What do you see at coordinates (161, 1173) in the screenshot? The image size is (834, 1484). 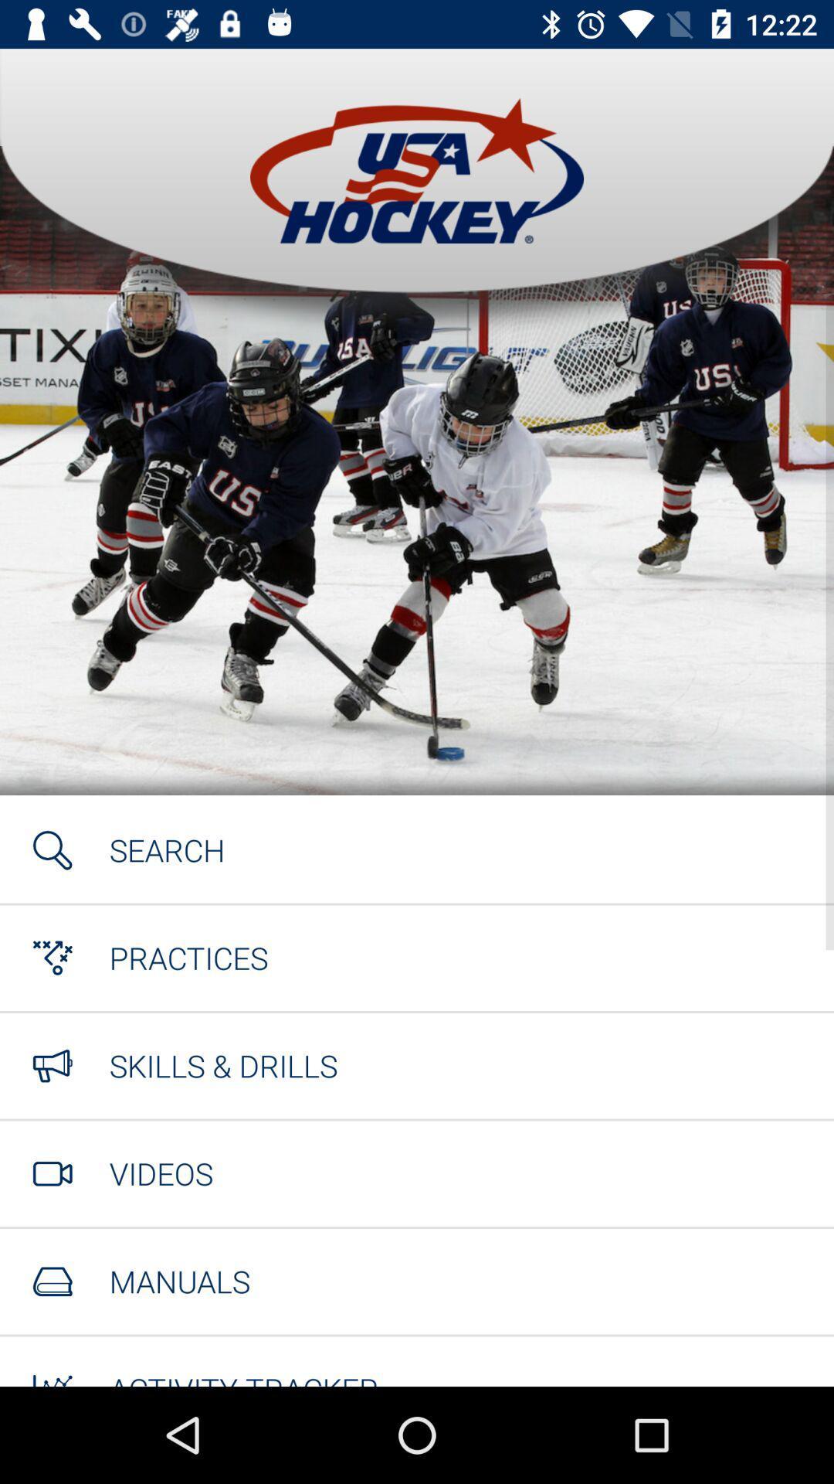 I see `the item above manuals item` at bounding box center [161, 1173].